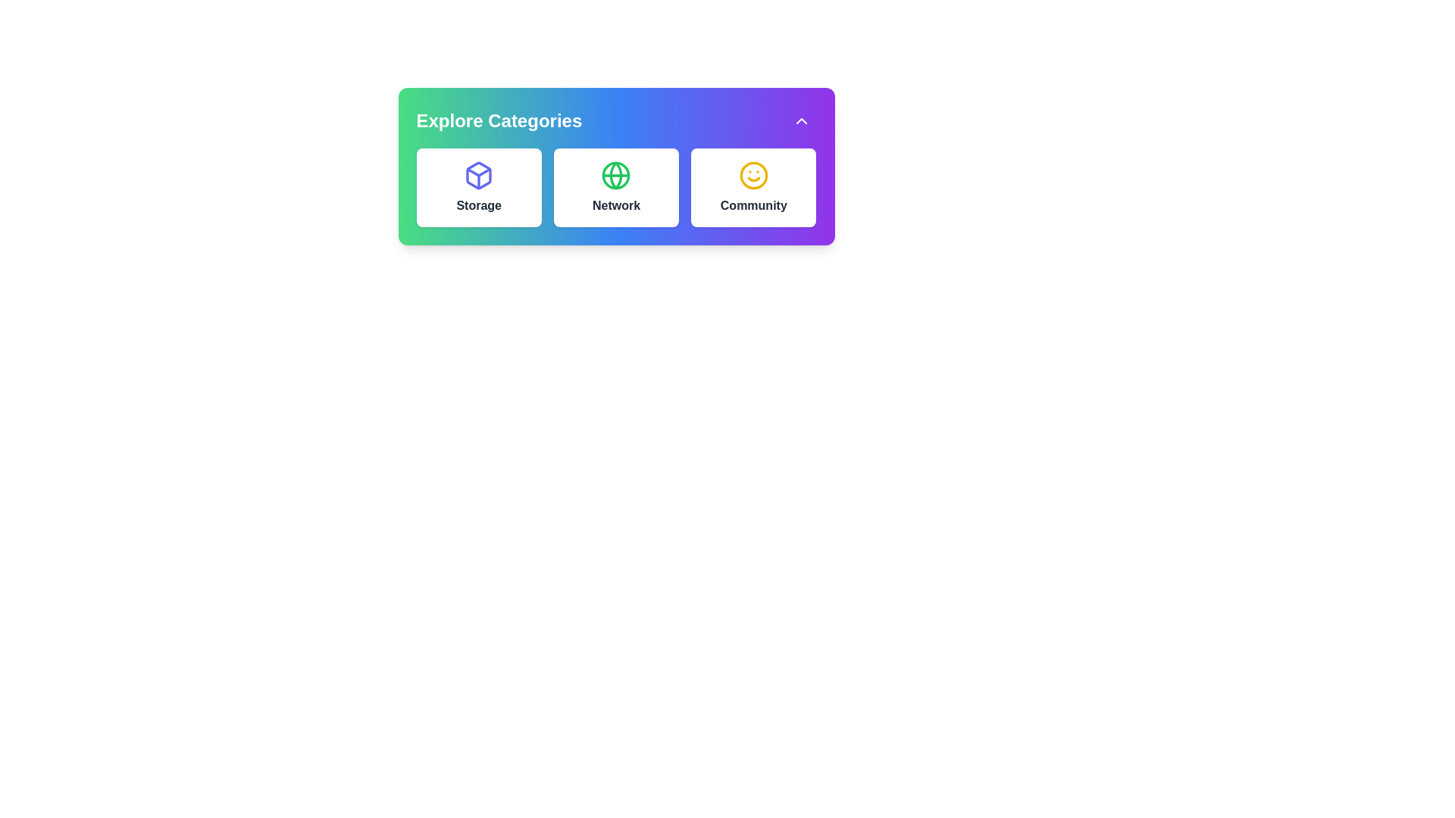 This screenshot has height=818, width=1455. I want to click on the 'Storage' category icon, which is embedded within the leftmost button under the 'Explore Categories' heading, so click(478, 174).